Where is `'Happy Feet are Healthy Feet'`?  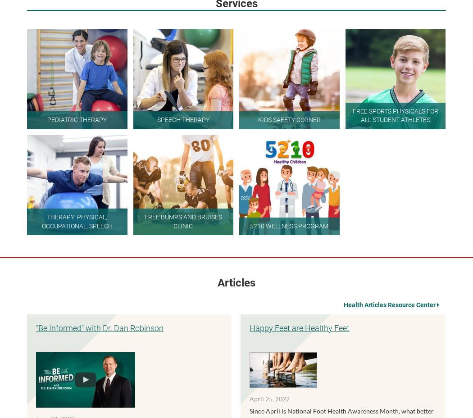 'Happy Feet are Healthy Feet' is located at coordinates (299, 327).